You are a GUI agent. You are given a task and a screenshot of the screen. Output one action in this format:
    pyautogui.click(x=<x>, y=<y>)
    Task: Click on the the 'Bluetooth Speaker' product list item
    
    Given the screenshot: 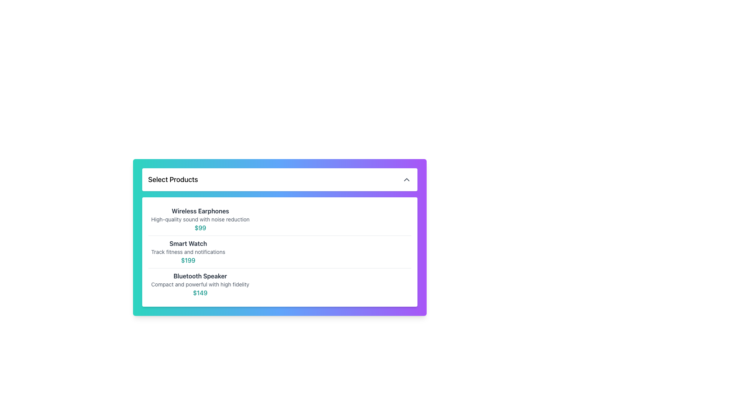 What is the action you would take?
    pyautogui.click(x=279, y=285)
    